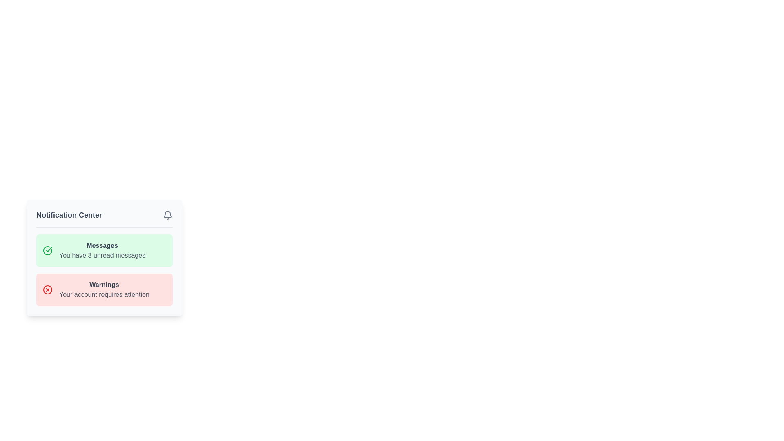 The height and width of the screenshot is (441, 784). I want to click on the 'Warnings' notification block in the 'Notification Center' interface, so click(104, 289).